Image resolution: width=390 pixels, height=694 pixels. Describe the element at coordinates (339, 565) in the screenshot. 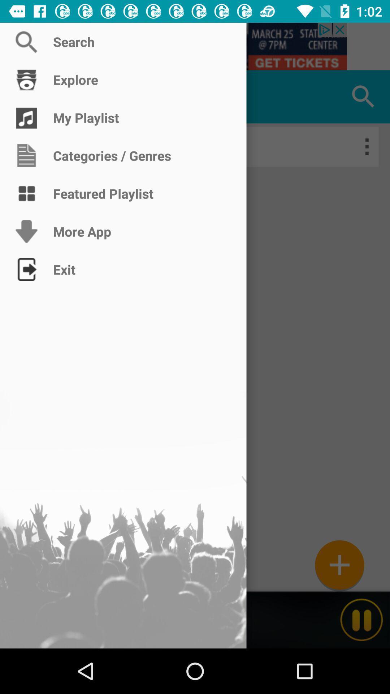

I see `the add icon` at that location.